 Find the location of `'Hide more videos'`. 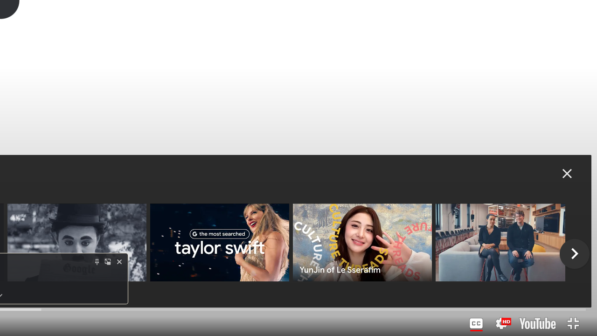

'Hide more videos' is located at coordinates (567, 173).